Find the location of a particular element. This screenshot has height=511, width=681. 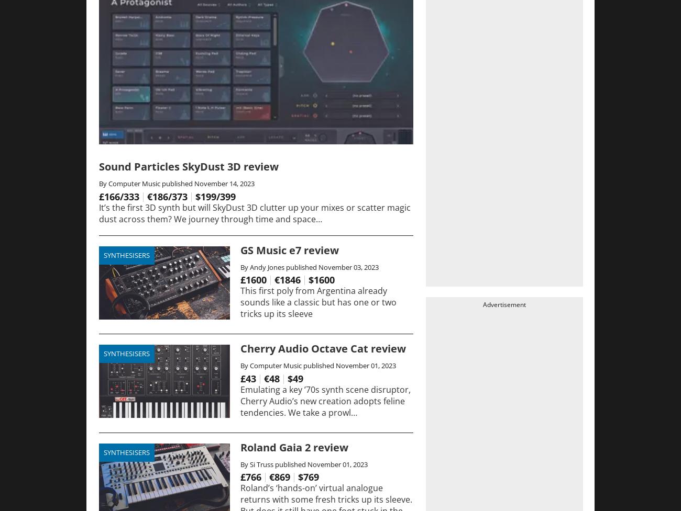

'€186/373' is located at coordinates (167, 196).